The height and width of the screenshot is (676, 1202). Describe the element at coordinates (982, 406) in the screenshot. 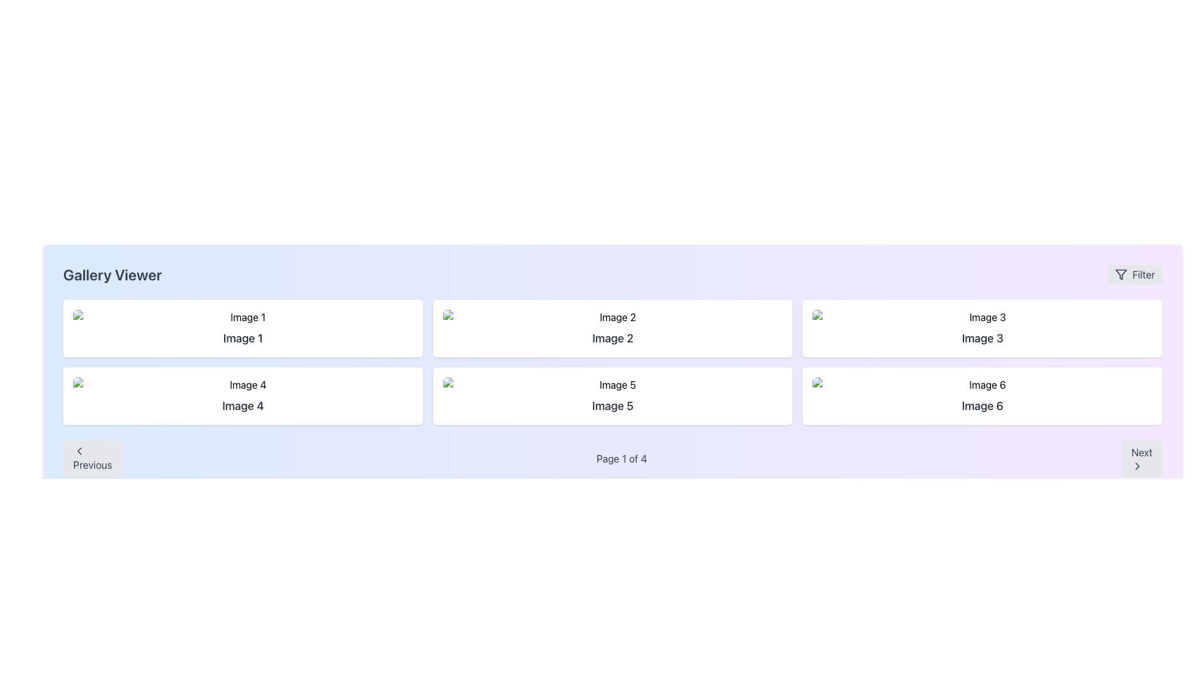

I see `text label positioned below the 'Image 6' thumbnail in the sixth tile of a grid layout, which provides descriptive context for the image` at that location.